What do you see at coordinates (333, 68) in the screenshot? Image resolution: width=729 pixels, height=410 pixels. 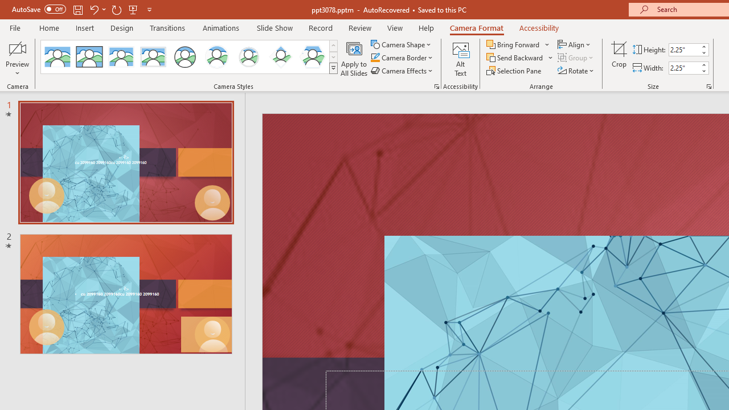 I see `'Camera Styles'` at bounding box center [333, 68].